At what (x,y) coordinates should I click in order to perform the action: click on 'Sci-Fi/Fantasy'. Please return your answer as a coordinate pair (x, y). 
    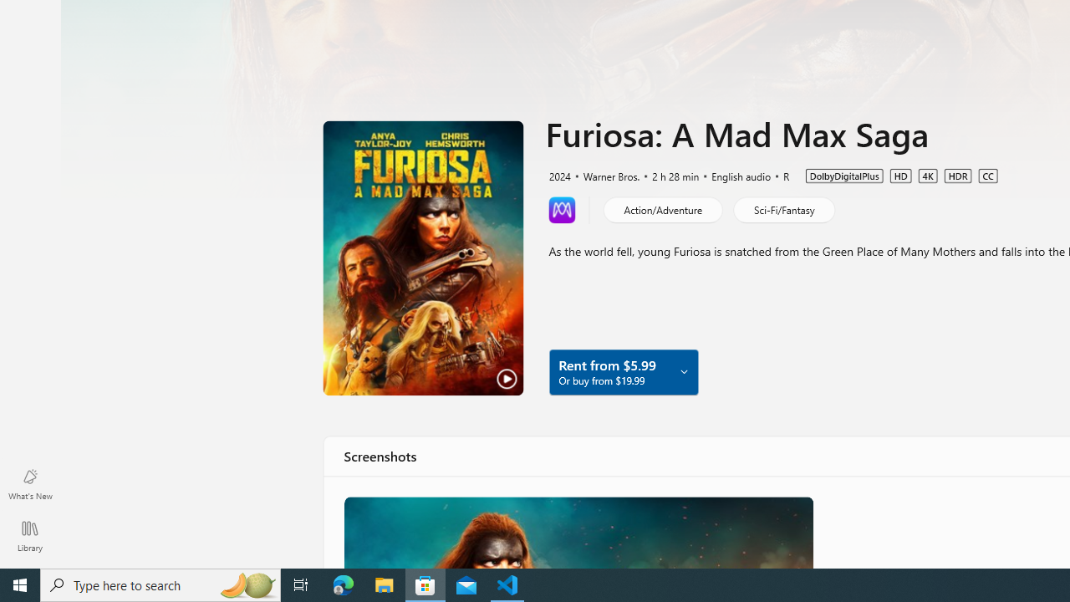
    Looking at the image, I should click on (782, 208).